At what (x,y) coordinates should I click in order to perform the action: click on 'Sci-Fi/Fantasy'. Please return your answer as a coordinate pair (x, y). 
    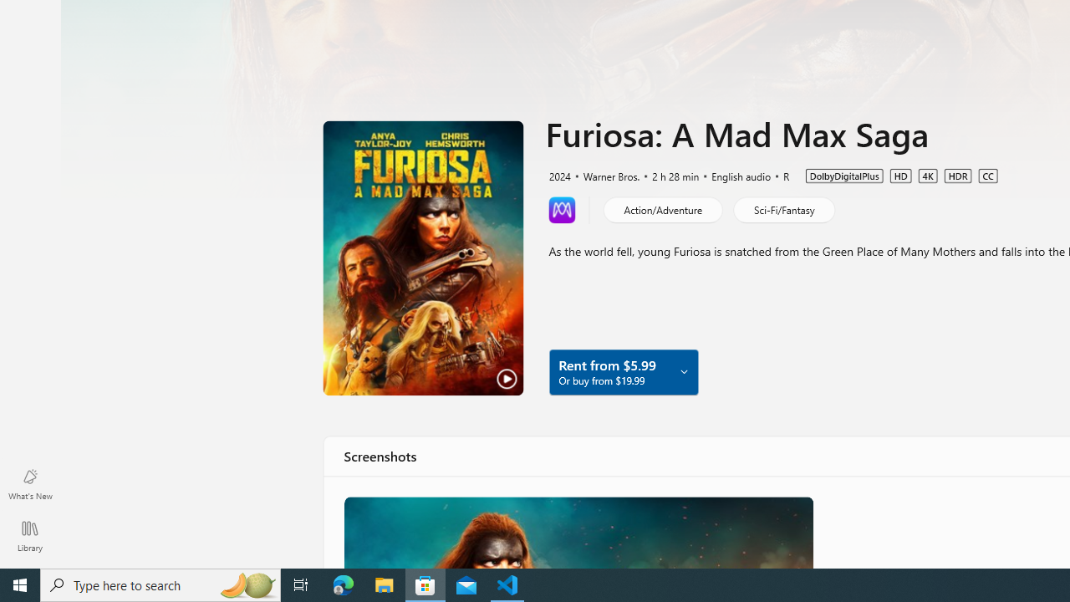
    Looking at the image, I should click on (782, 208).